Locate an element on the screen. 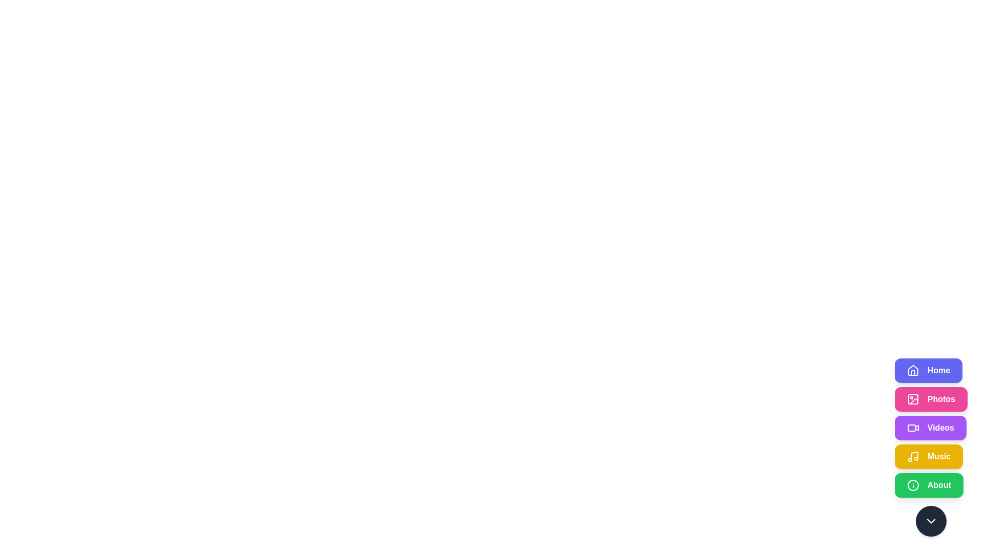  the Videos button to observe its hover effect is located at coordinates (930, 428).